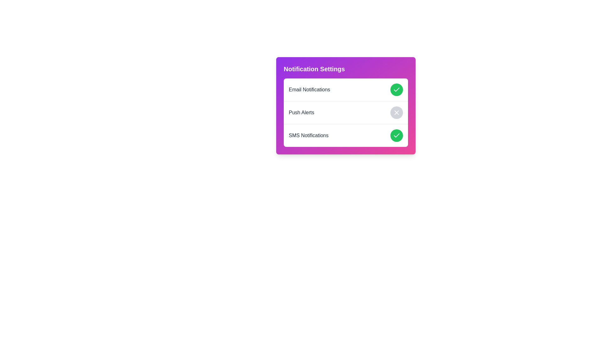 Image resolution: width=604 pixels, height=339 pixels. What do you see at coordinates (396, 89) in the screenshot?
I see `the circular icon button with a green background and white check mark` at bounding box center [396, 89].